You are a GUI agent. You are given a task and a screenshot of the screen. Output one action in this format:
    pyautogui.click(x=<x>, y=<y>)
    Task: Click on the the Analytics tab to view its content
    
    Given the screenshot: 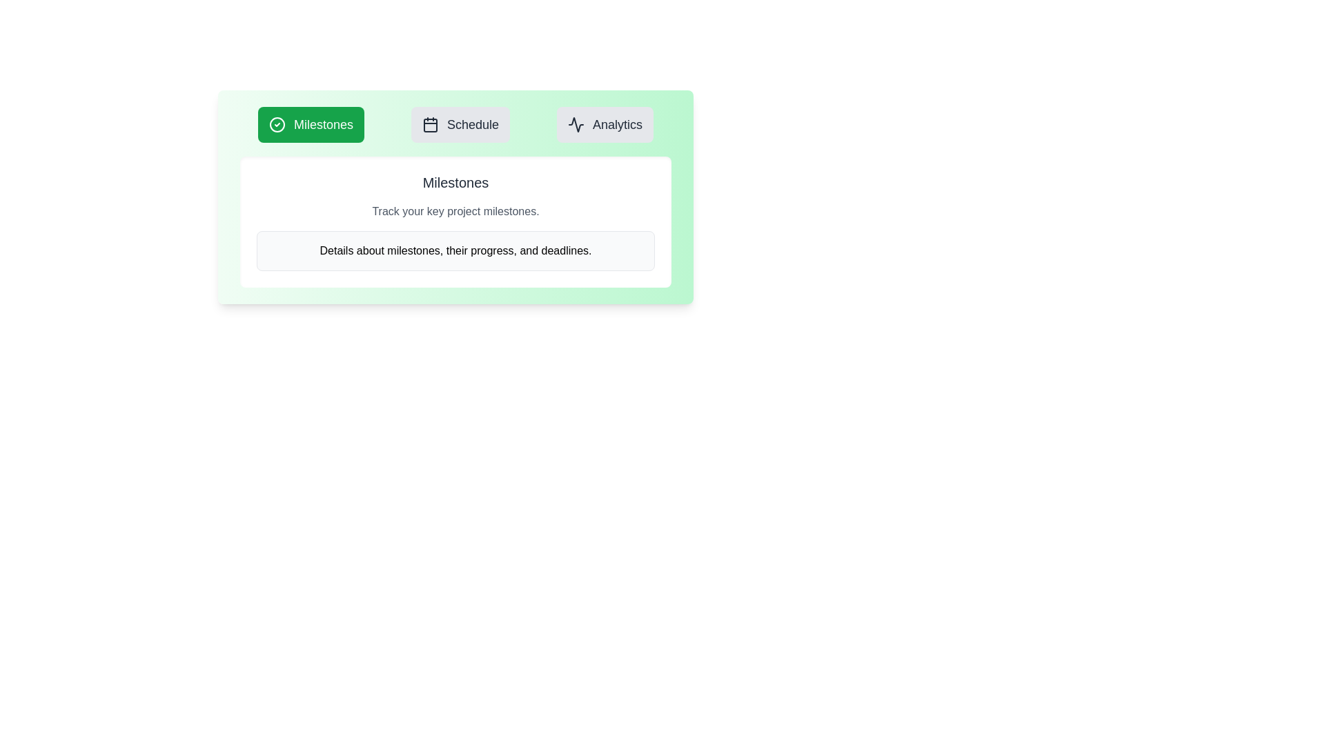 What is the action you would take?
    pyautogui.click(x=605, y=125)
    